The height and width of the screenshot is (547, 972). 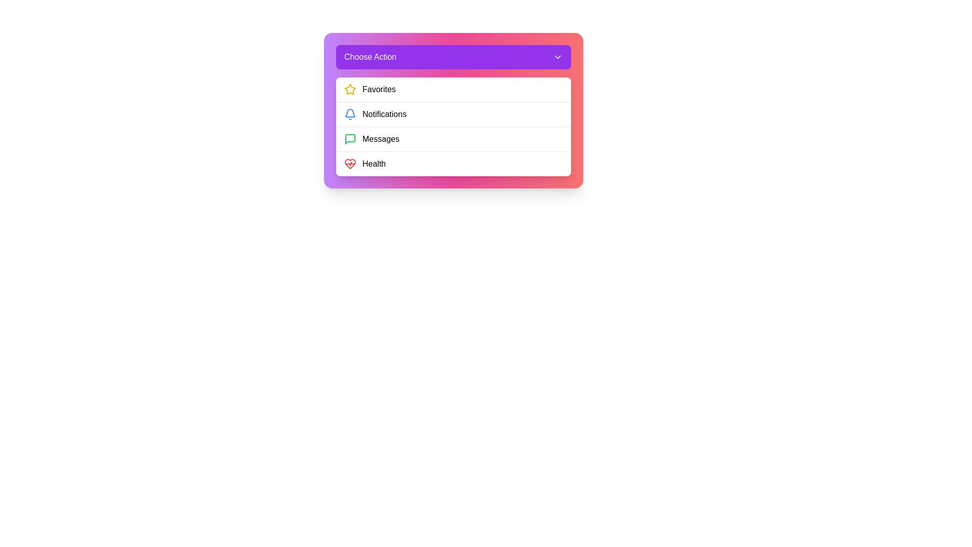 What do you see at coordinates (557, 57) in the screenshot?
I see `the chevron icon located at the right end of the 'Choose Action' purple bar` at bounding box center [557, 57].